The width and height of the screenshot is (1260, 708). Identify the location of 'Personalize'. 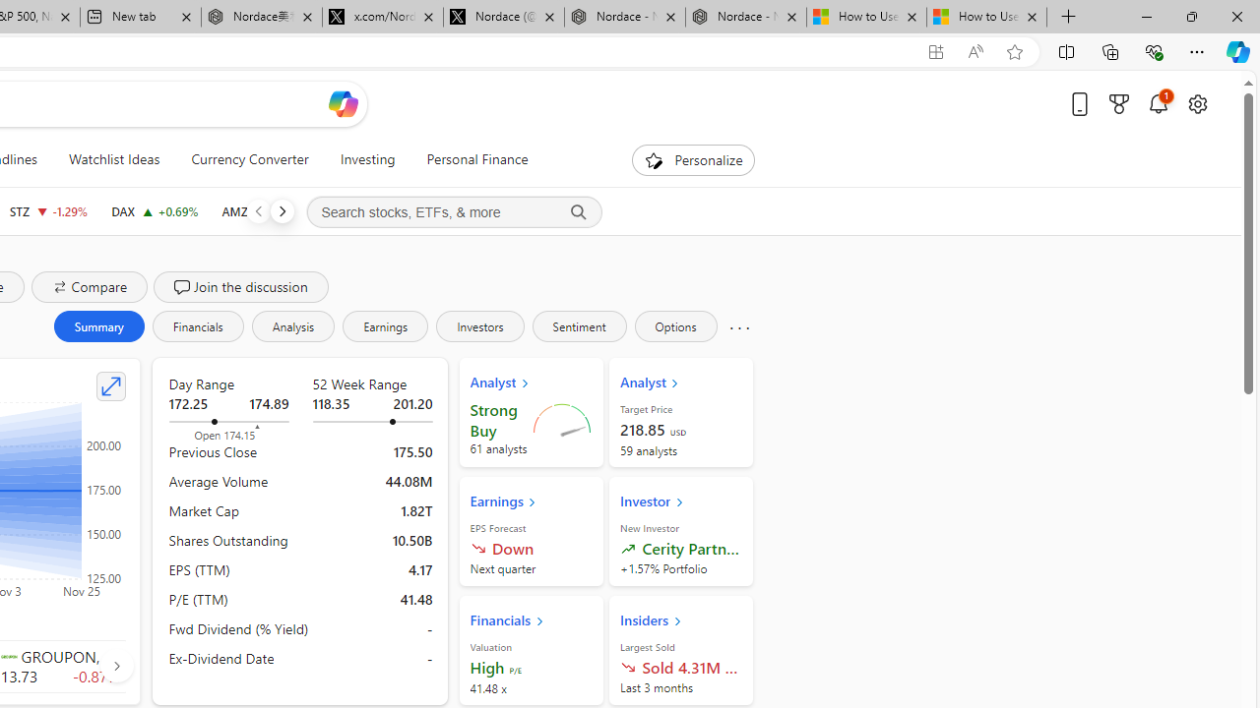
(693, 159).